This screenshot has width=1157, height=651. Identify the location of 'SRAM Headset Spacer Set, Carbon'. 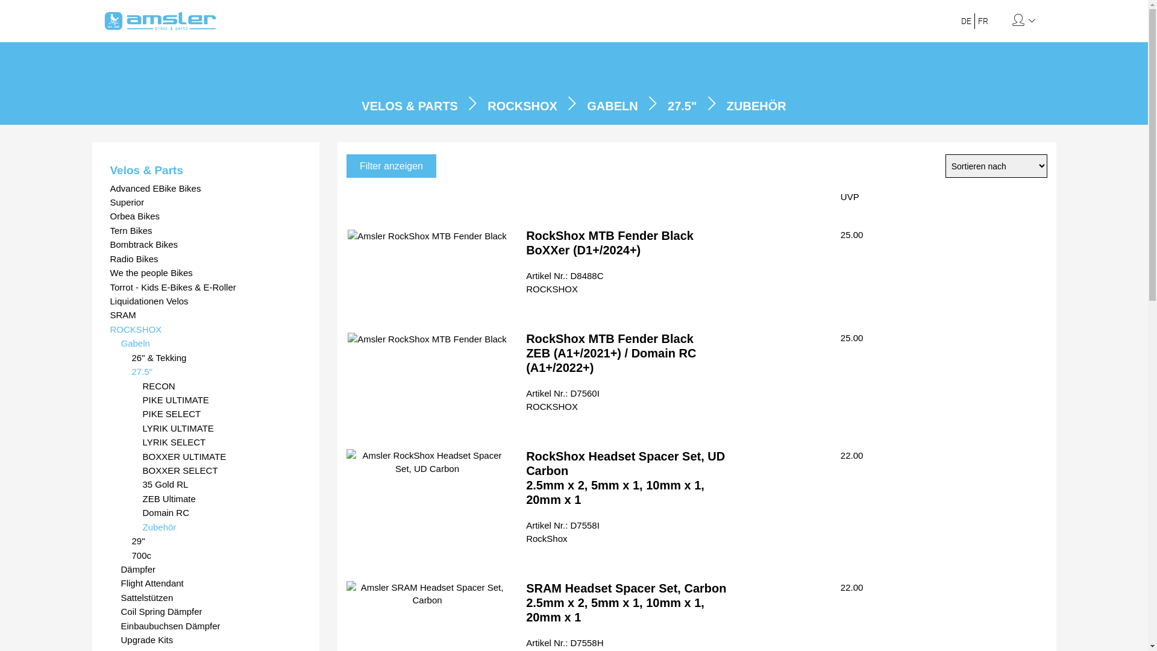
(346, 593).